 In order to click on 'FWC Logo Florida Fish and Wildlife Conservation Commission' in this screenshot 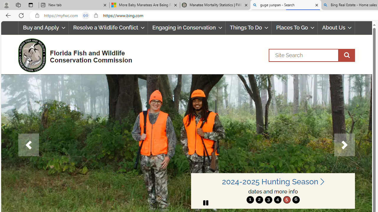, I will do `click(72, 54)`.